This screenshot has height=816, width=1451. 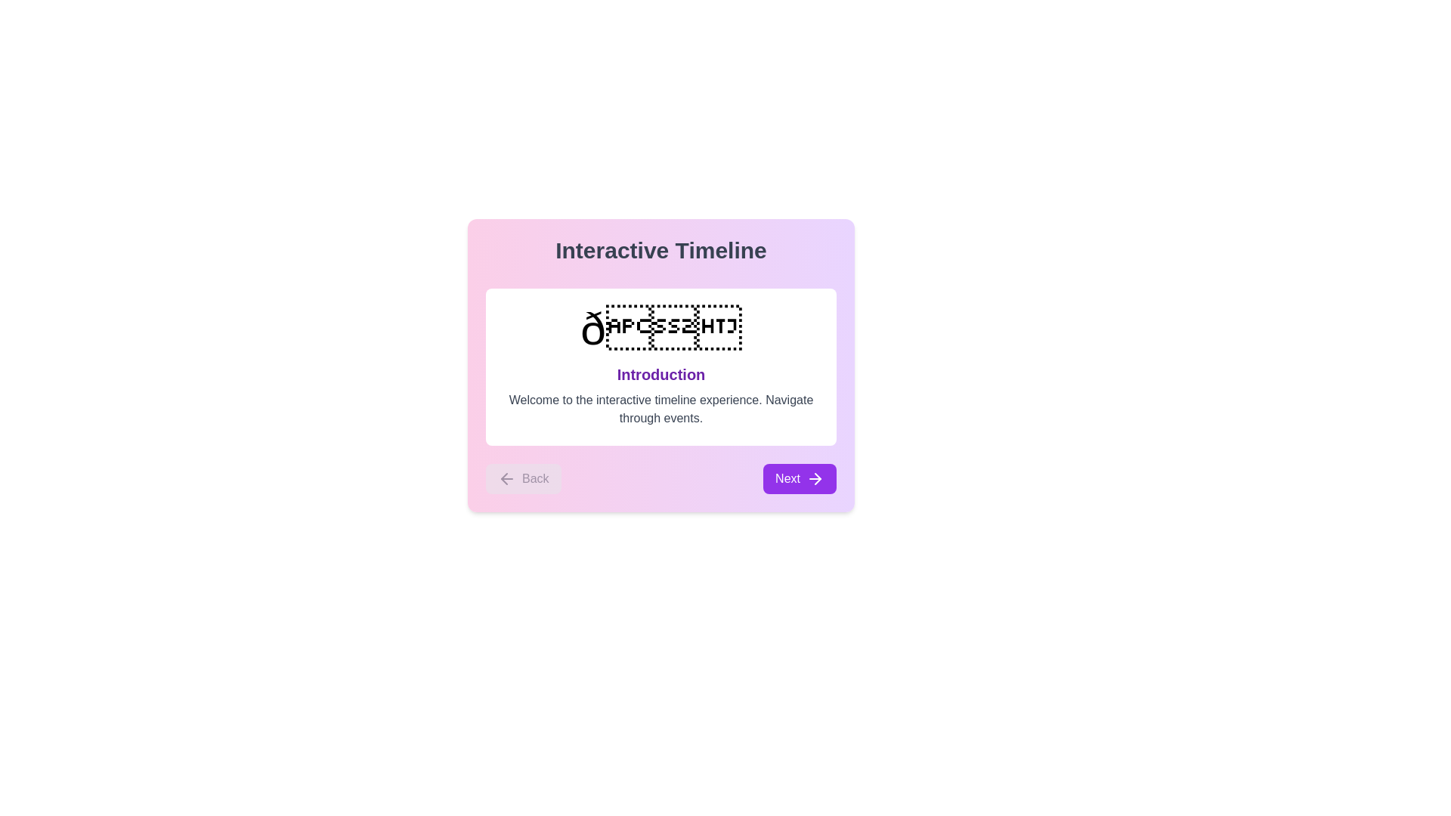 I want to click on the rightward-pointing arrow vector graphic within the Next button, so click(x=817, y=478).